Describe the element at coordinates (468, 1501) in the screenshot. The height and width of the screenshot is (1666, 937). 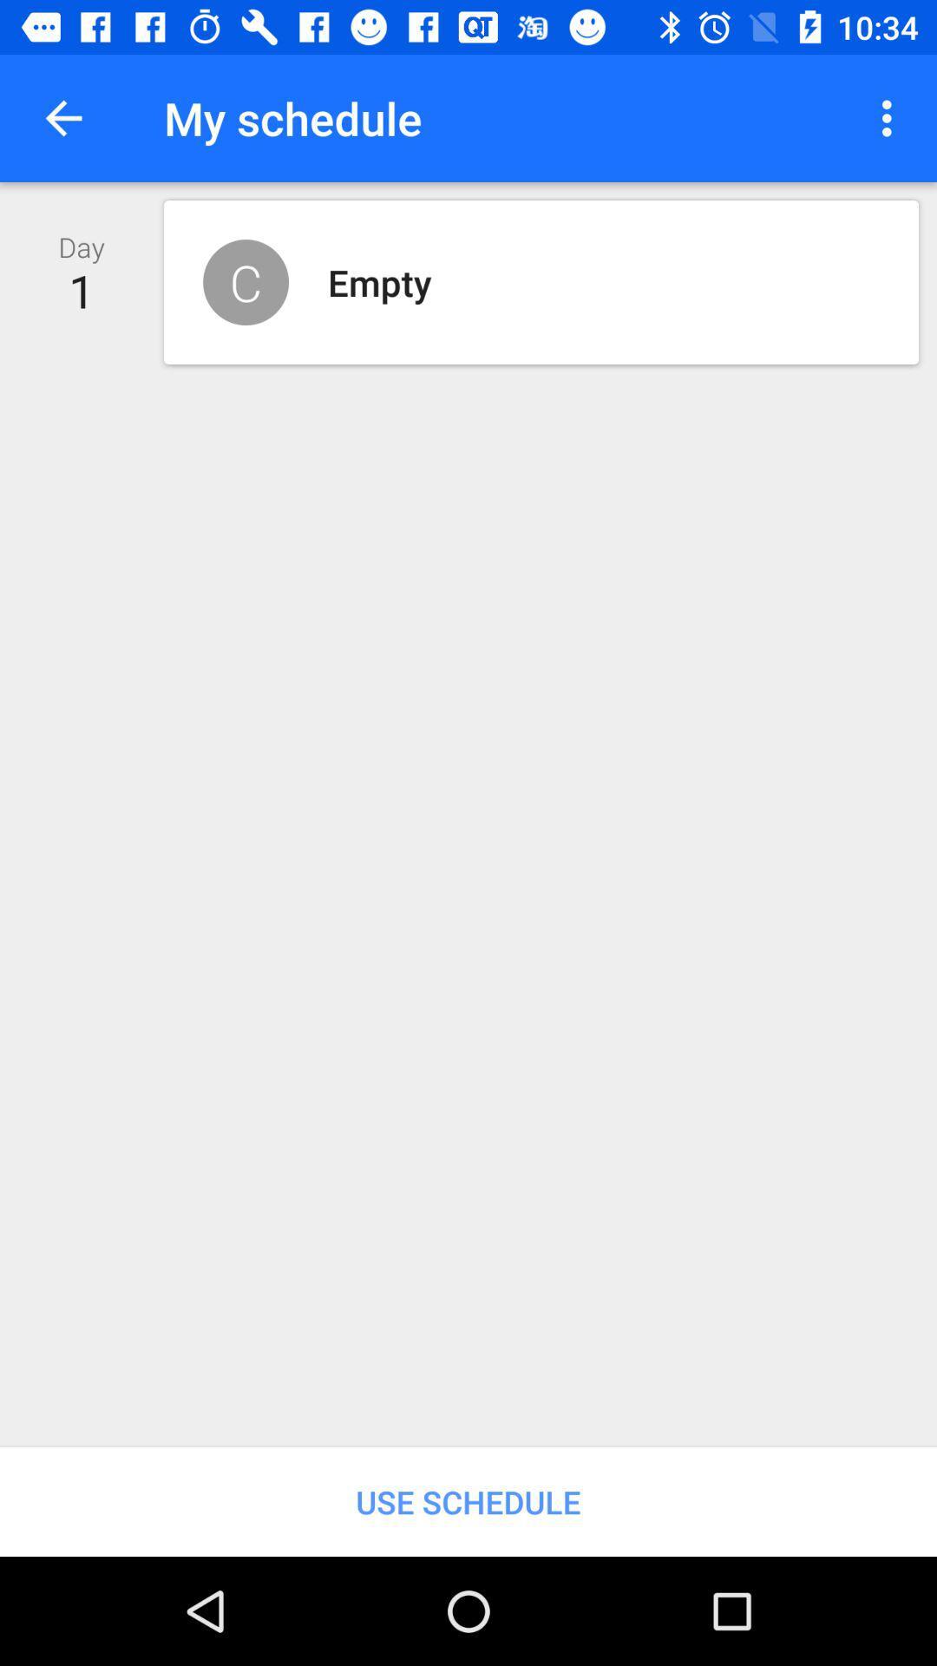
I see `use schedule icon` at that location.